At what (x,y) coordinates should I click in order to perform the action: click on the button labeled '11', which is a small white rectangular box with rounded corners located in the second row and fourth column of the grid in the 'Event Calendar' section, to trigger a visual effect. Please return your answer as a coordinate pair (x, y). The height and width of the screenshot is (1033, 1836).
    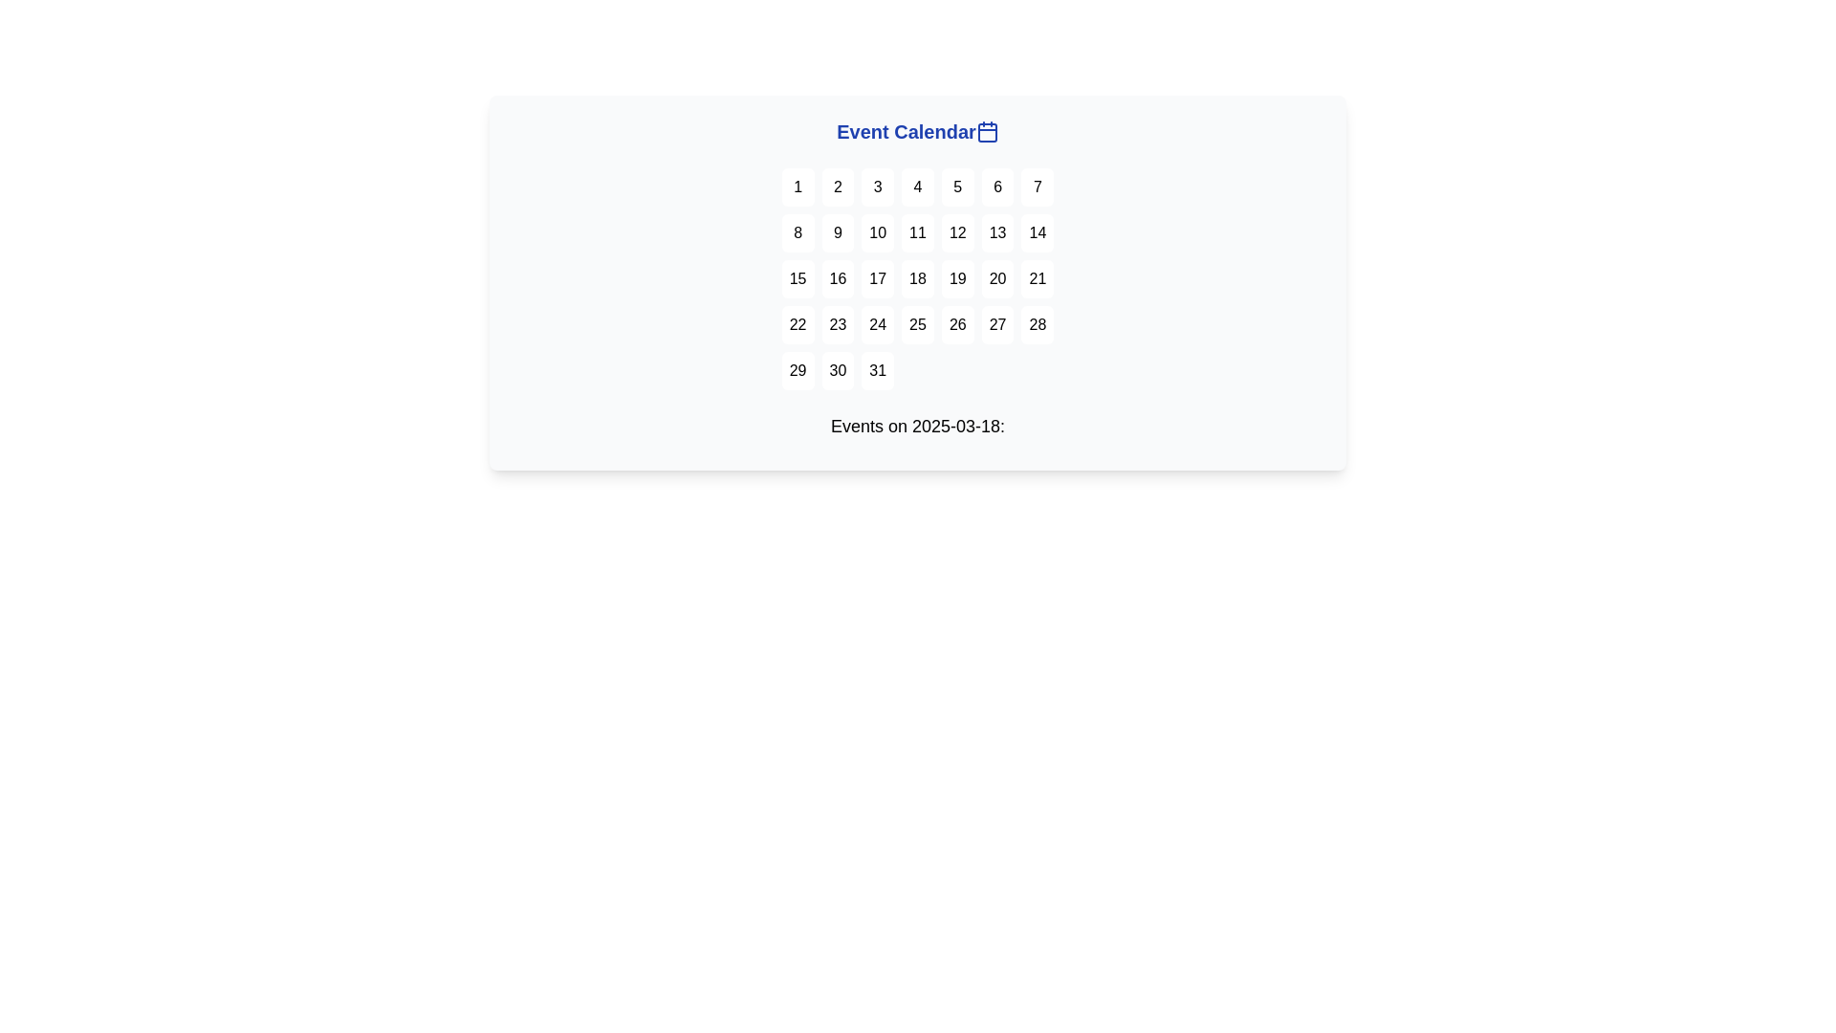
    Looking at the image, I should click on (918, 231).